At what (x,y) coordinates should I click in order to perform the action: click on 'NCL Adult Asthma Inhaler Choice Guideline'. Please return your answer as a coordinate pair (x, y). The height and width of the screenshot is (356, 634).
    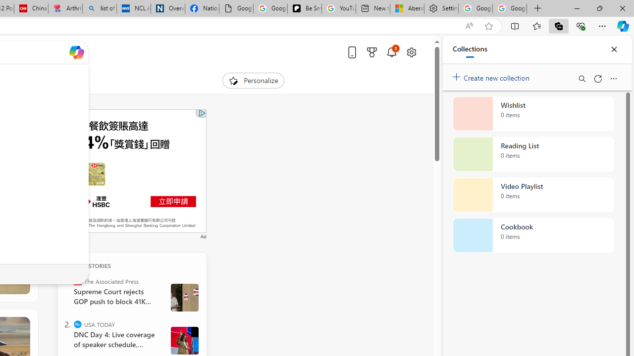
    Looking at the image, I should click on (133, 8).